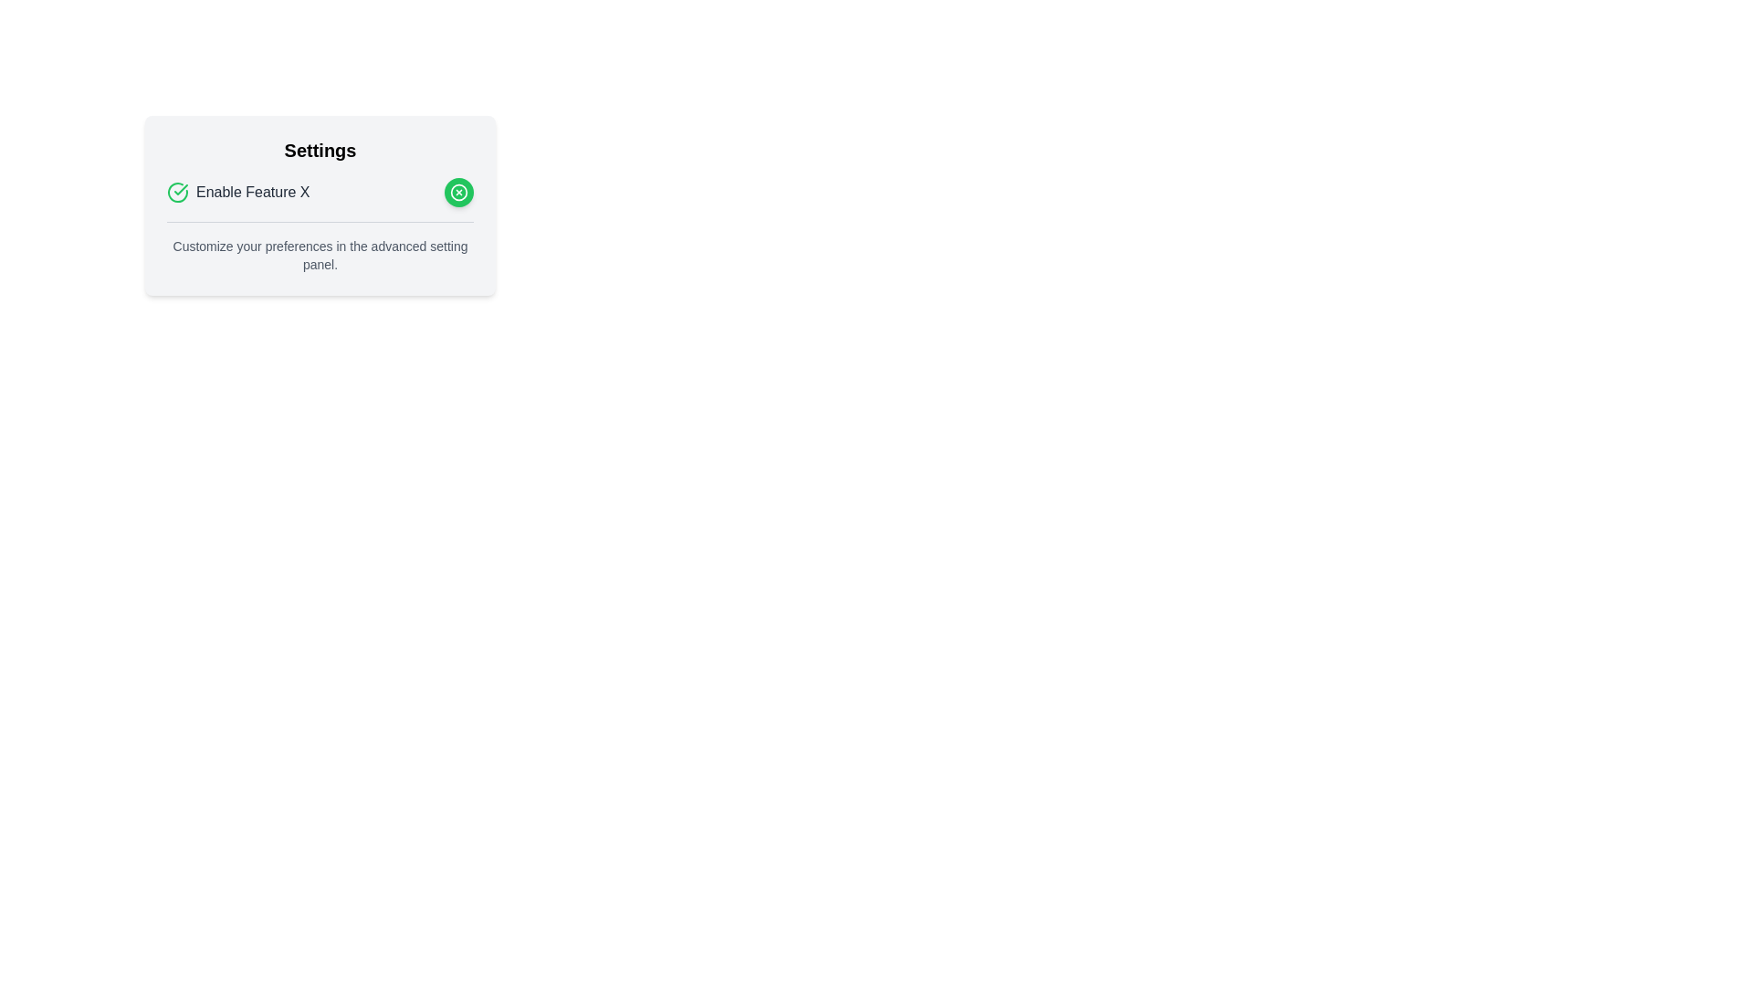 This screenshot has width=1753, height=986. Describe the element at coordinates (320, 256) in the screenshot. I see `the static text that provides additional contextual information about the settings, located below the 'Enable Feature X' toggle in the settings card` at that location.